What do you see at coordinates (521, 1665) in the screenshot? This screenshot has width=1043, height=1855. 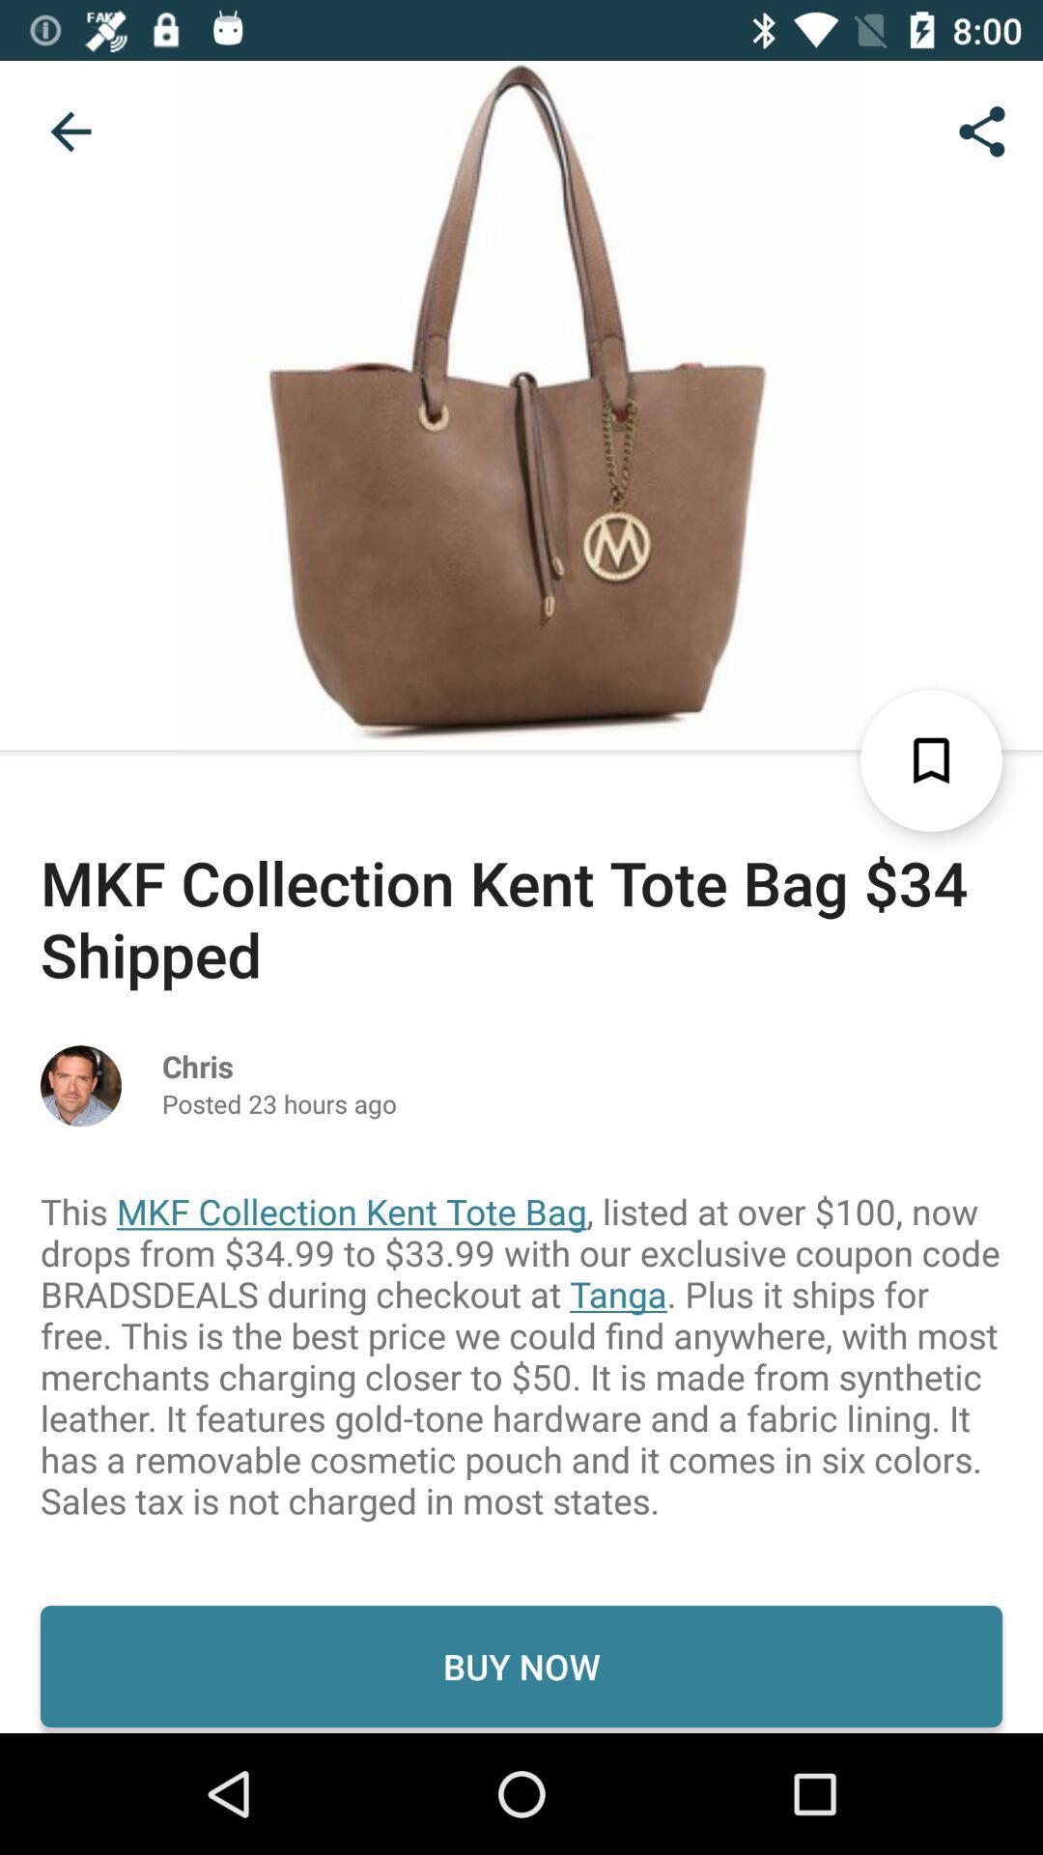 I see `buy now` at bounding box center [521, 1665].